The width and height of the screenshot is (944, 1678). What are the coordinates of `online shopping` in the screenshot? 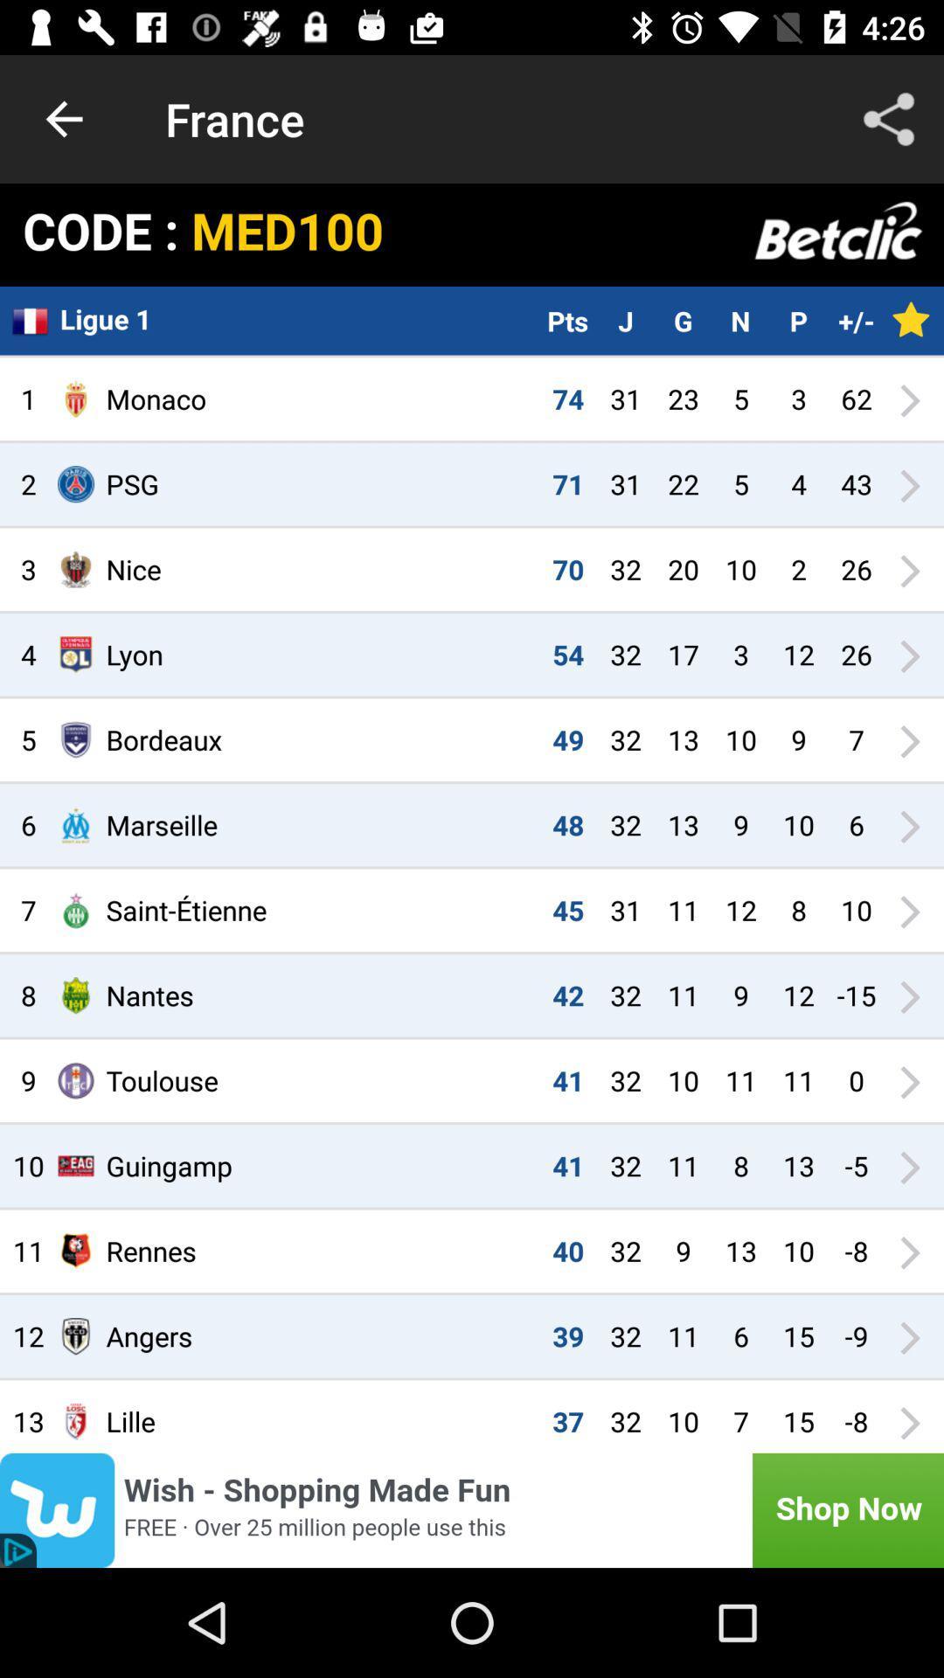 It's located at (472, 1509).